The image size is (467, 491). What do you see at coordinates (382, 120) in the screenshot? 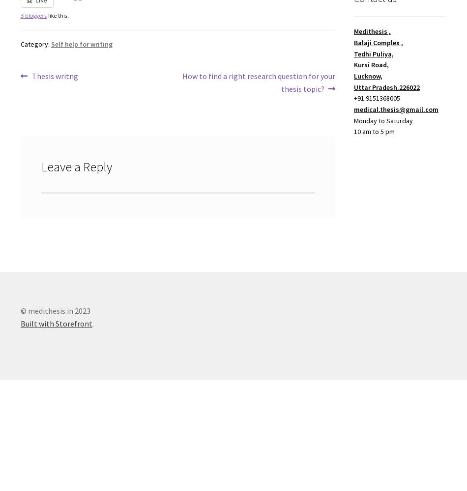
I see `'Monday to Saturday'` at bounding box center [382, 120].